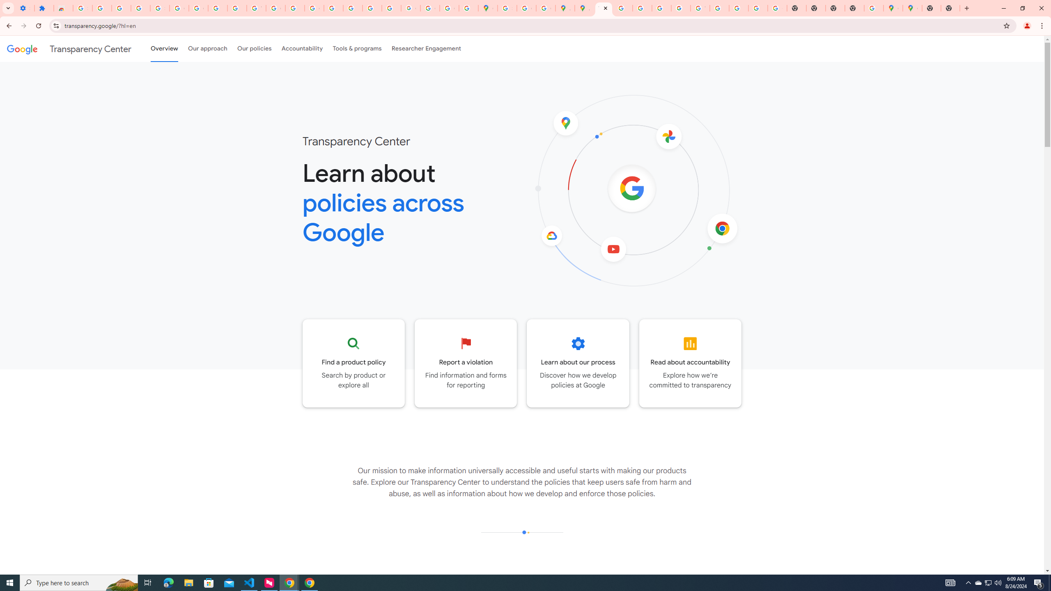  Describe the element at coordinates (892, 8) in the screenshot. I see `'Google Maps'` at that location.